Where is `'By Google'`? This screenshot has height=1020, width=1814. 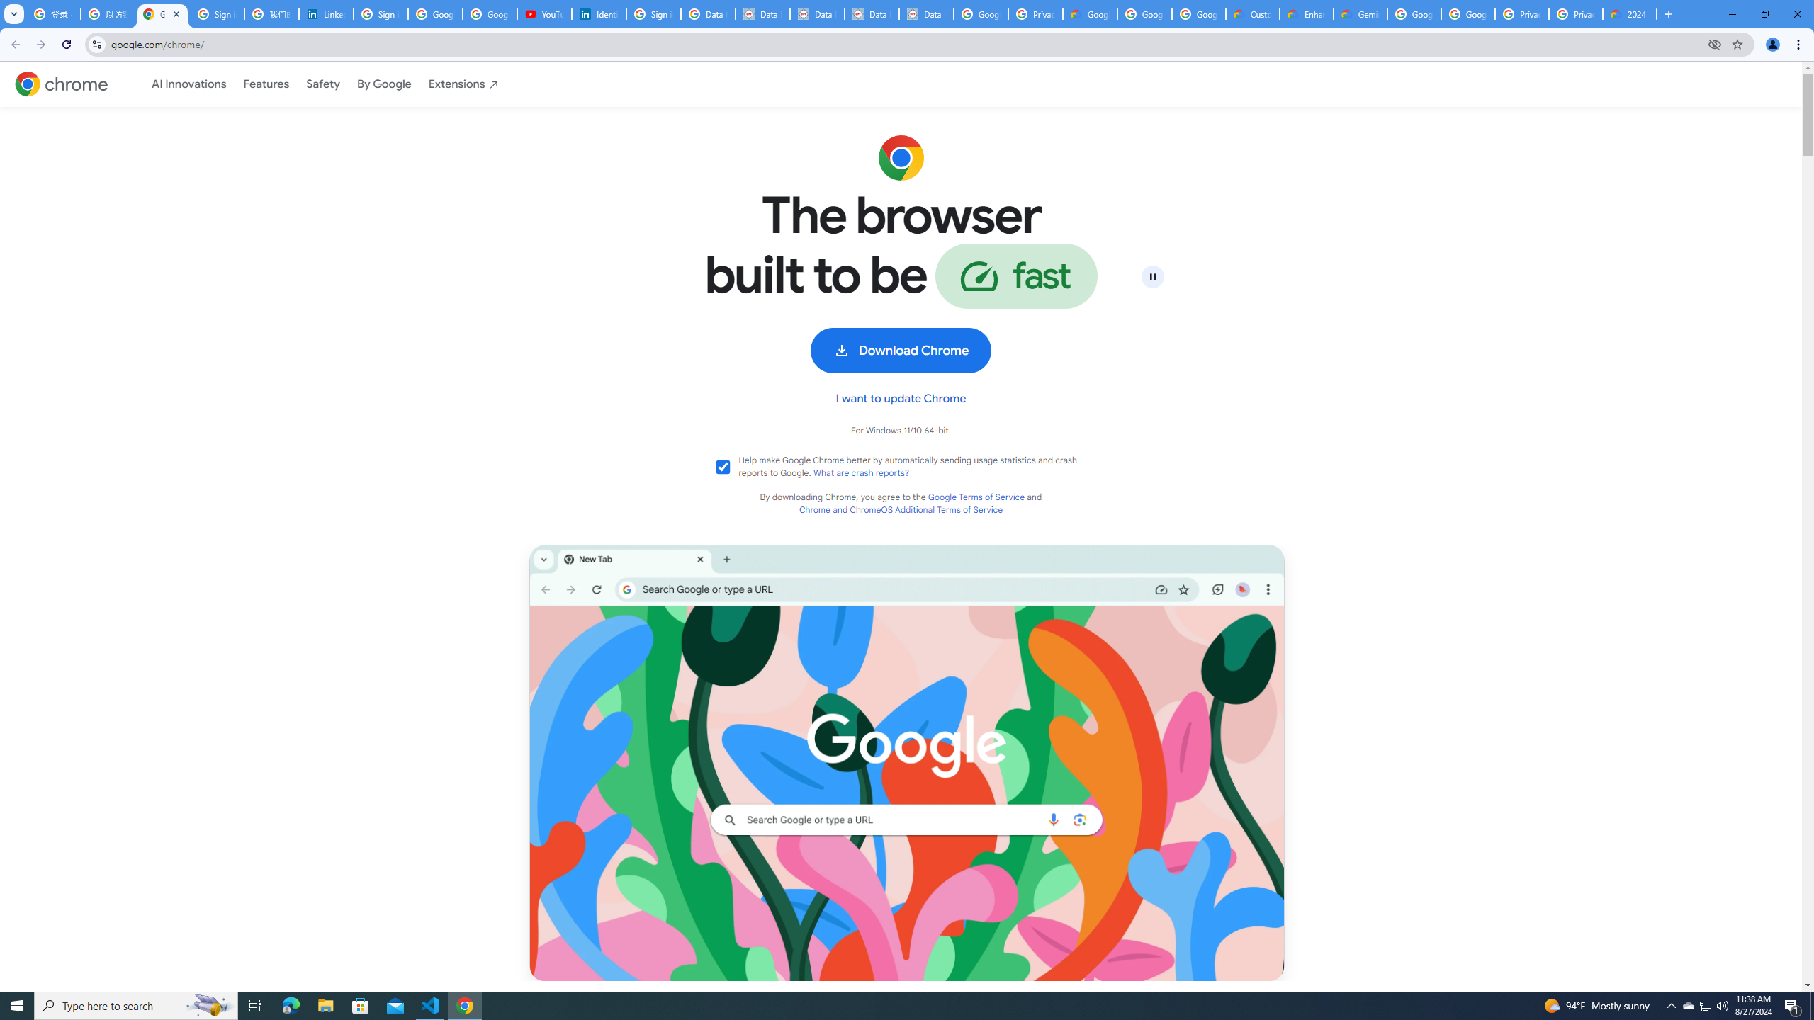
'By Google' is located at coordinates (384, 84).